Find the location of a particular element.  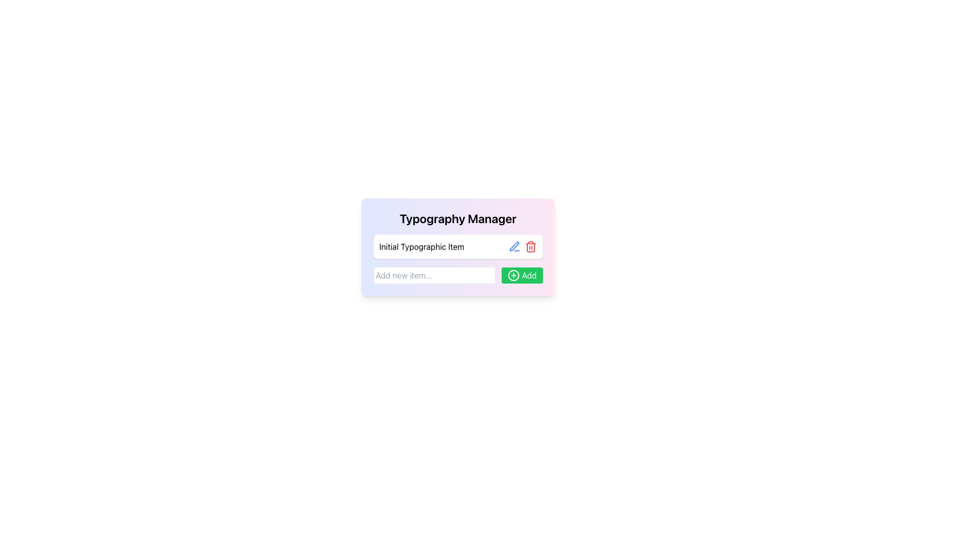

the red trash icon button, which is part of a horizontal group of icons is located at coordinates (530, 246).